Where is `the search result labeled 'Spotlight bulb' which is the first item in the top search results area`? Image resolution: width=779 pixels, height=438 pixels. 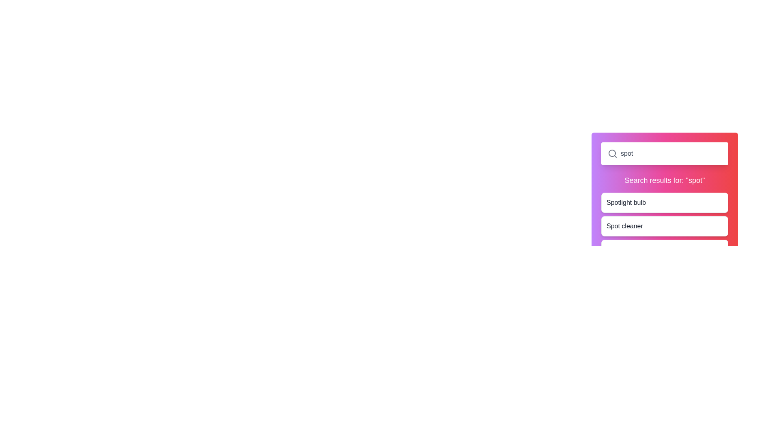
the search result labeled 'Spotlight bulb' which is the first item in the top search results area is located at coordinates (626, 202).